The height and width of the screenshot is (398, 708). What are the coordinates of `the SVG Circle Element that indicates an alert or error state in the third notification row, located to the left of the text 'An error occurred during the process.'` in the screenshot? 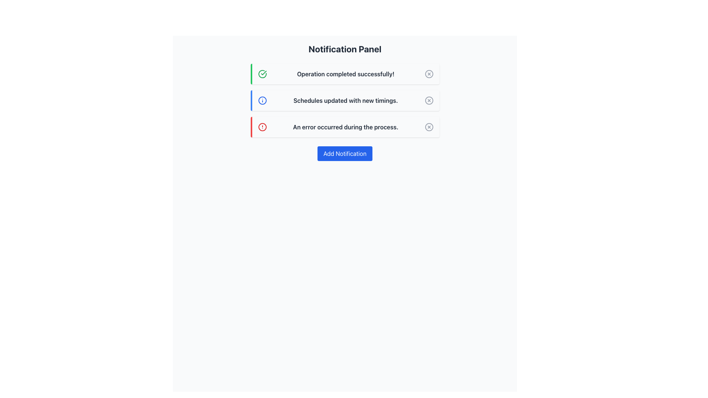 It's located at (262, 126).